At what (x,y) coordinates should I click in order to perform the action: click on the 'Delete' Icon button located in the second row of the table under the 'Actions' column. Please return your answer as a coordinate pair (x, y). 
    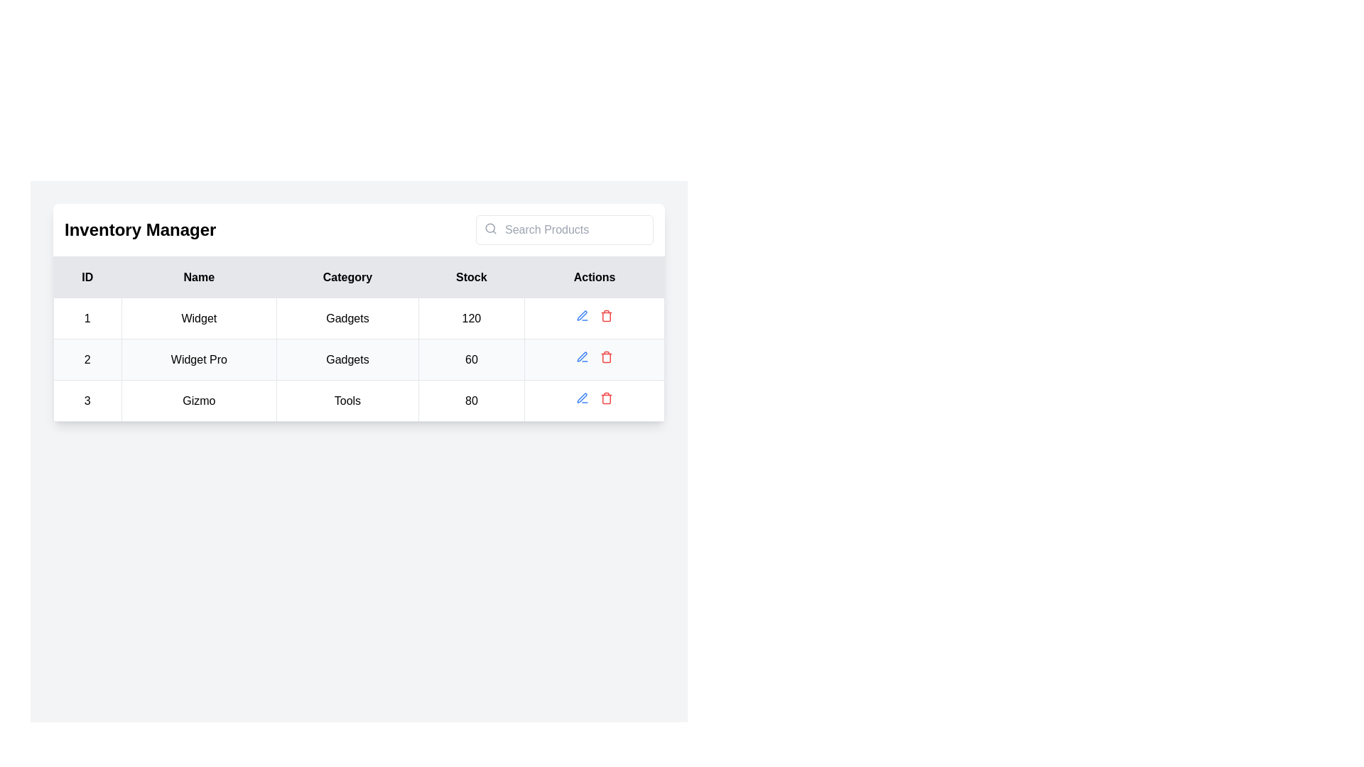
    Looking at the image, I should click on (607, 356).